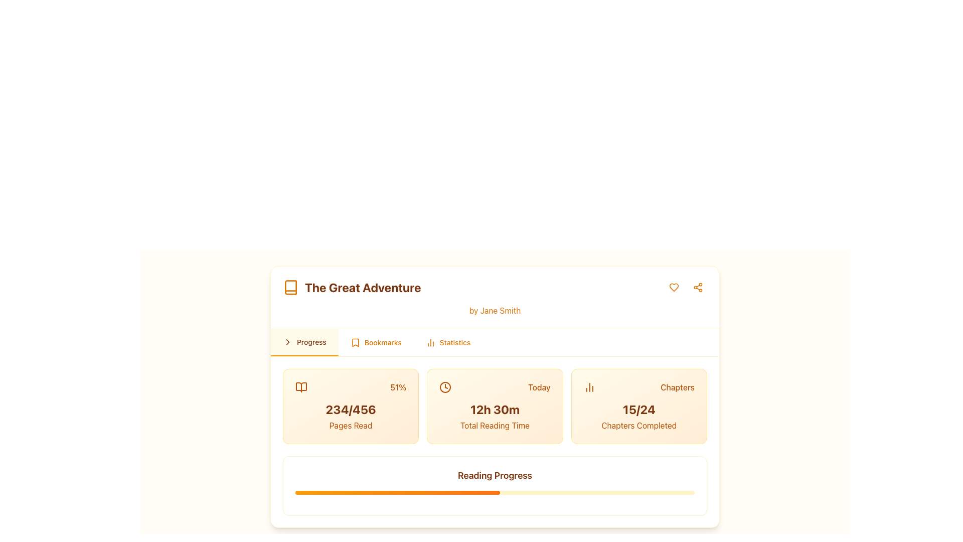 This screenshot has width=963, height=542. What do you see at coordinates (495, 441) in the screenshot?
I see `total reading time displayed on the Informational Card, positioned in the middle column of the layout` at bounding box center [495, 441].